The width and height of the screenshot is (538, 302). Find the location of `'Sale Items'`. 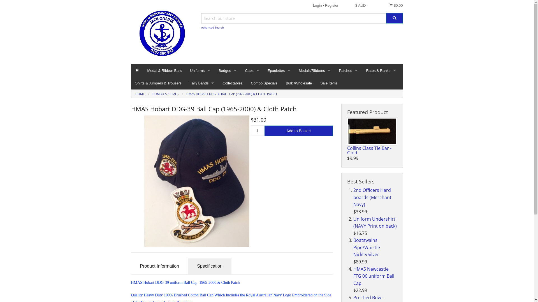

'Sale Items' is located at coordinates (316, 83).